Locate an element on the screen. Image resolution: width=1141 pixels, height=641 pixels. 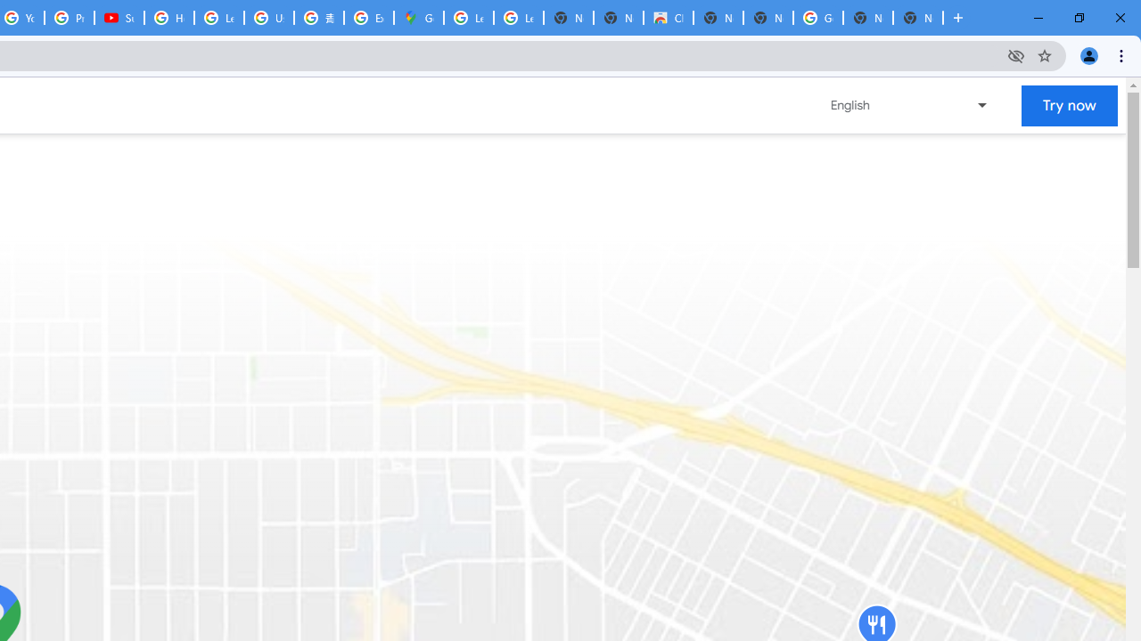
'Change language or region' is located at coordinates (910, 105).